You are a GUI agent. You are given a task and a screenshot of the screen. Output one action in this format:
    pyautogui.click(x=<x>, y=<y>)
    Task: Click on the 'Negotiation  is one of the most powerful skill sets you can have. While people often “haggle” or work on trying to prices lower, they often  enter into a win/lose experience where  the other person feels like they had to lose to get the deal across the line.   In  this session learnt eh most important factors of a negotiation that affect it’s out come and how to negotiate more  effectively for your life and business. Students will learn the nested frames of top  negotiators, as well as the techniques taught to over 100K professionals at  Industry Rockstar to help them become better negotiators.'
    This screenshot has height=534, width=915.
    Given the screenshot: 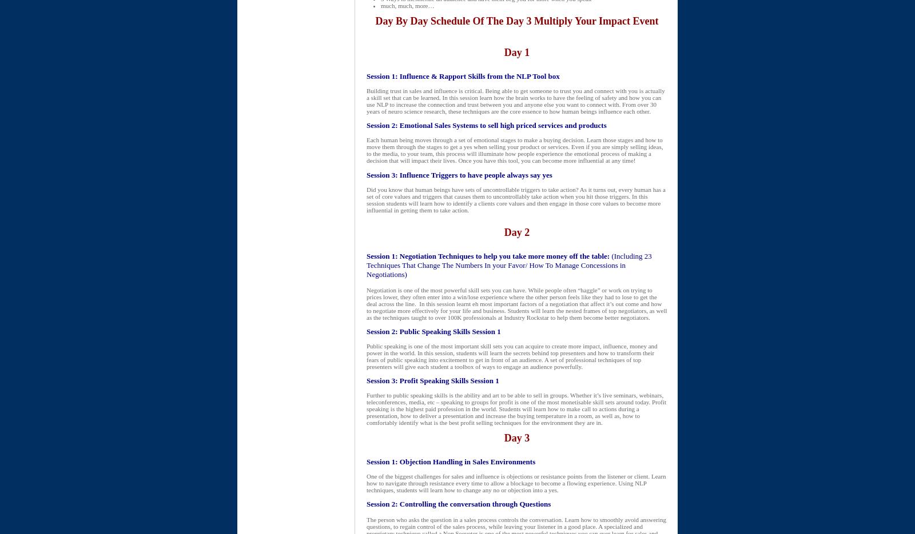 What is the action you would take?
    pyautogui.click(x=516, y=303)
    